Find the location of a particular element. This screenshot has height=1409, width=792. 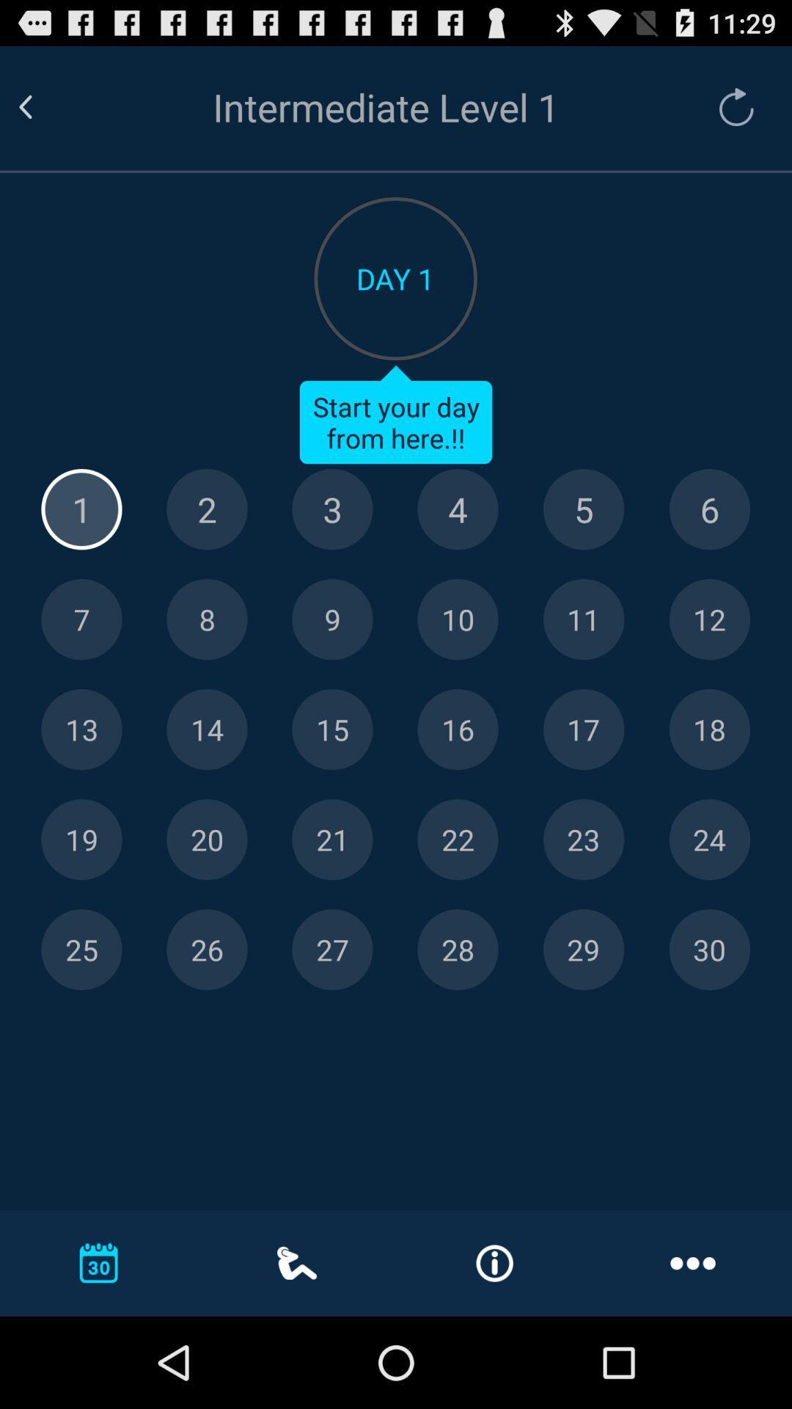

day is located at coordinates (457, 840).